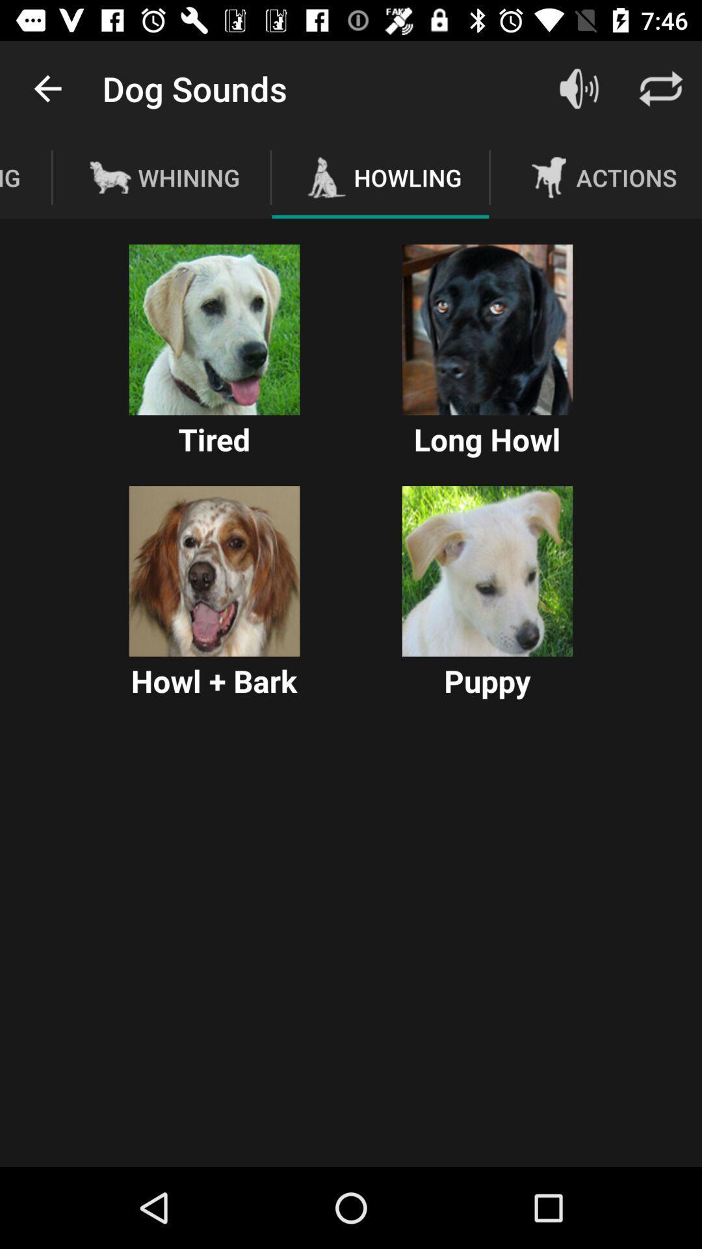 Image resolution: width=702 pixels, height=1249 pixels. I want to click on choose picture, so click(214, 330).